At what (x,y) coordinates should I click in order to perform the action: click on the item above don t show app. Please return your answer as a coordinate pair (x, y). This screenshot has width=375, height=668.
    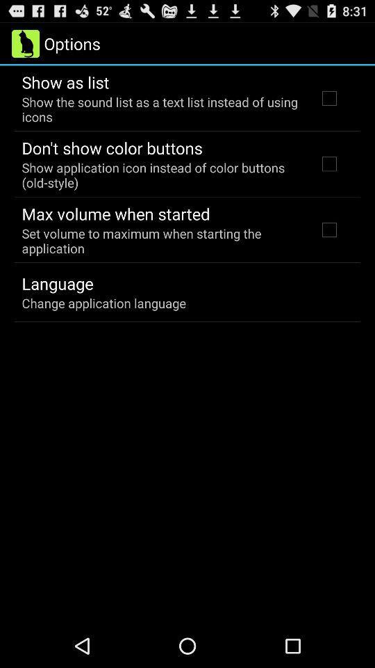
    Looking at the image, I should click on (160, 109).